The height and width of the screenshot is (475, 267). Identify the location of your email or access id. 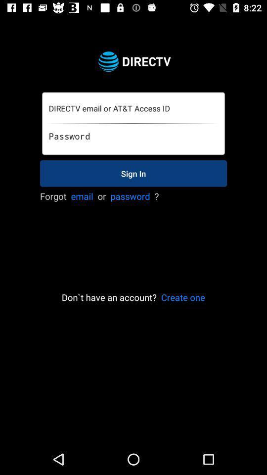
(133, 108).